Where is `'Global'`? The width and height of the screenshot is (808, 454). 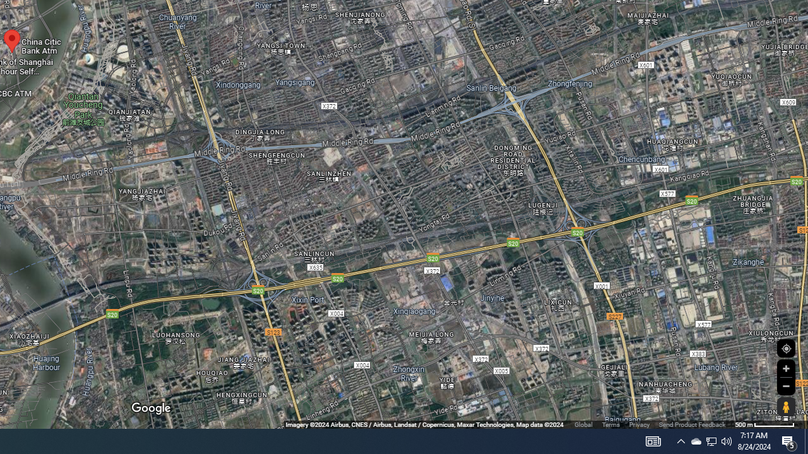
'Global' is located at coordinates (583, 424).